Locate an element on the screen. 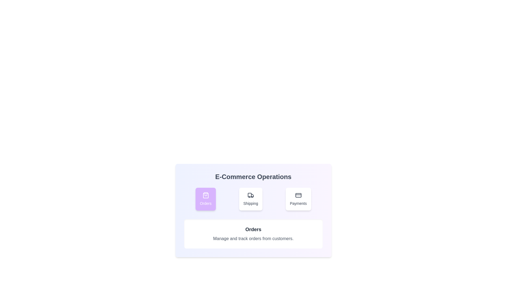  the 'Shipping' static text label located beneath the truck icon in the E-Commerce Operations panel is located at coordinates (250, 203).